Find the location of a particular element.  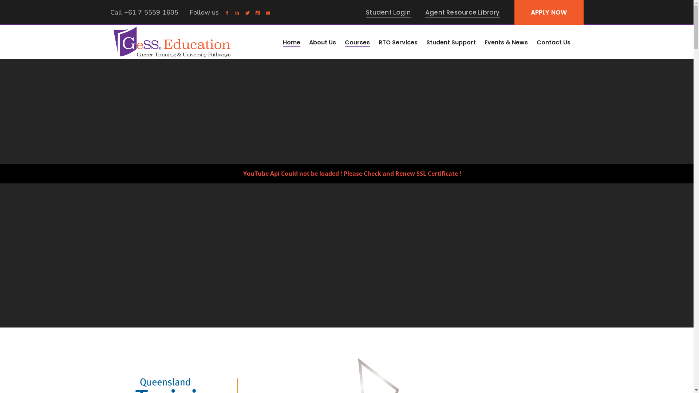

'APPLY NOW' is located at coordinates (549, 12).